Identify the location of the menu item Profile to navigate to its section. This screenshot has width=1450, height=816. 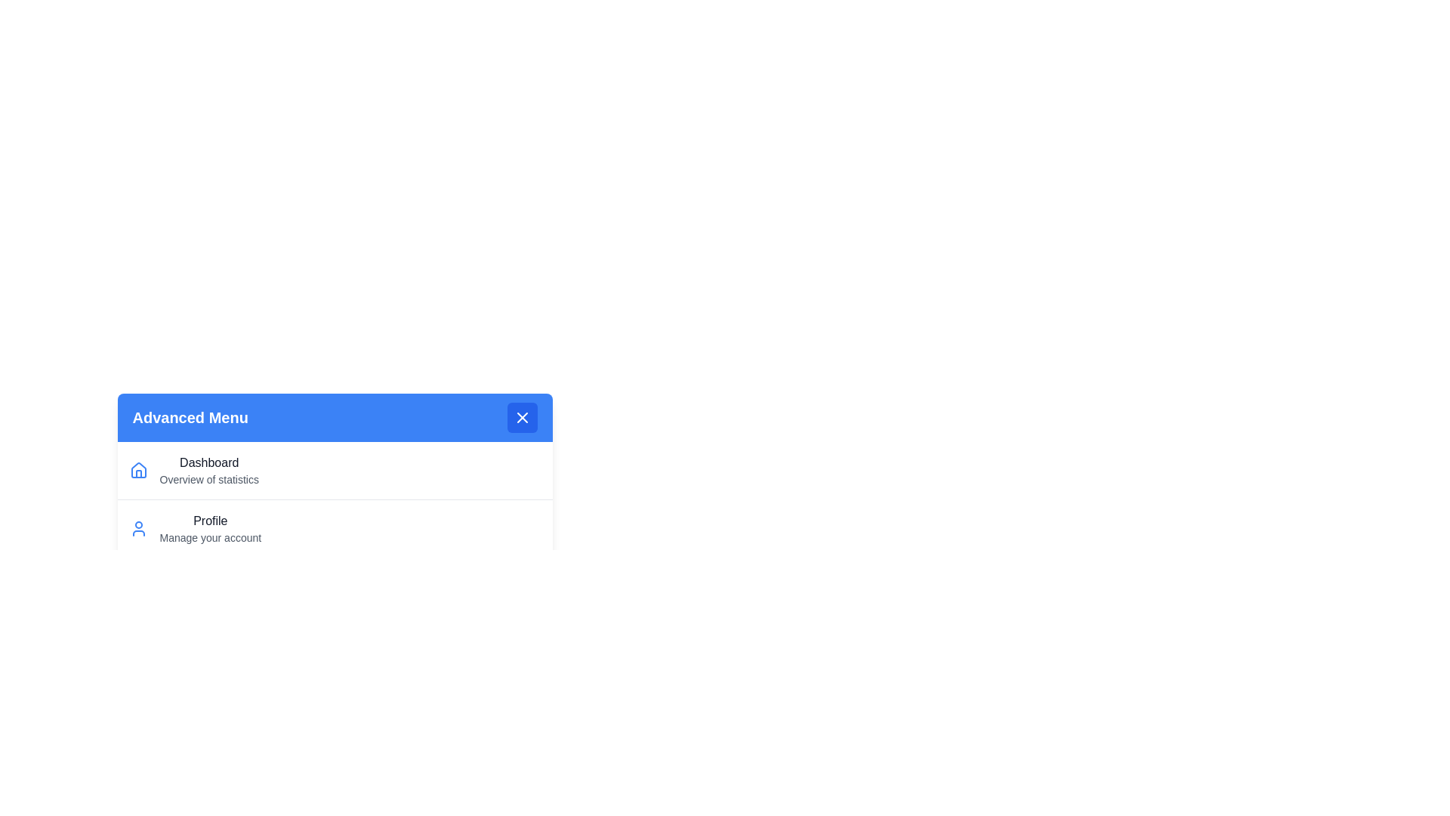
(334, 527).